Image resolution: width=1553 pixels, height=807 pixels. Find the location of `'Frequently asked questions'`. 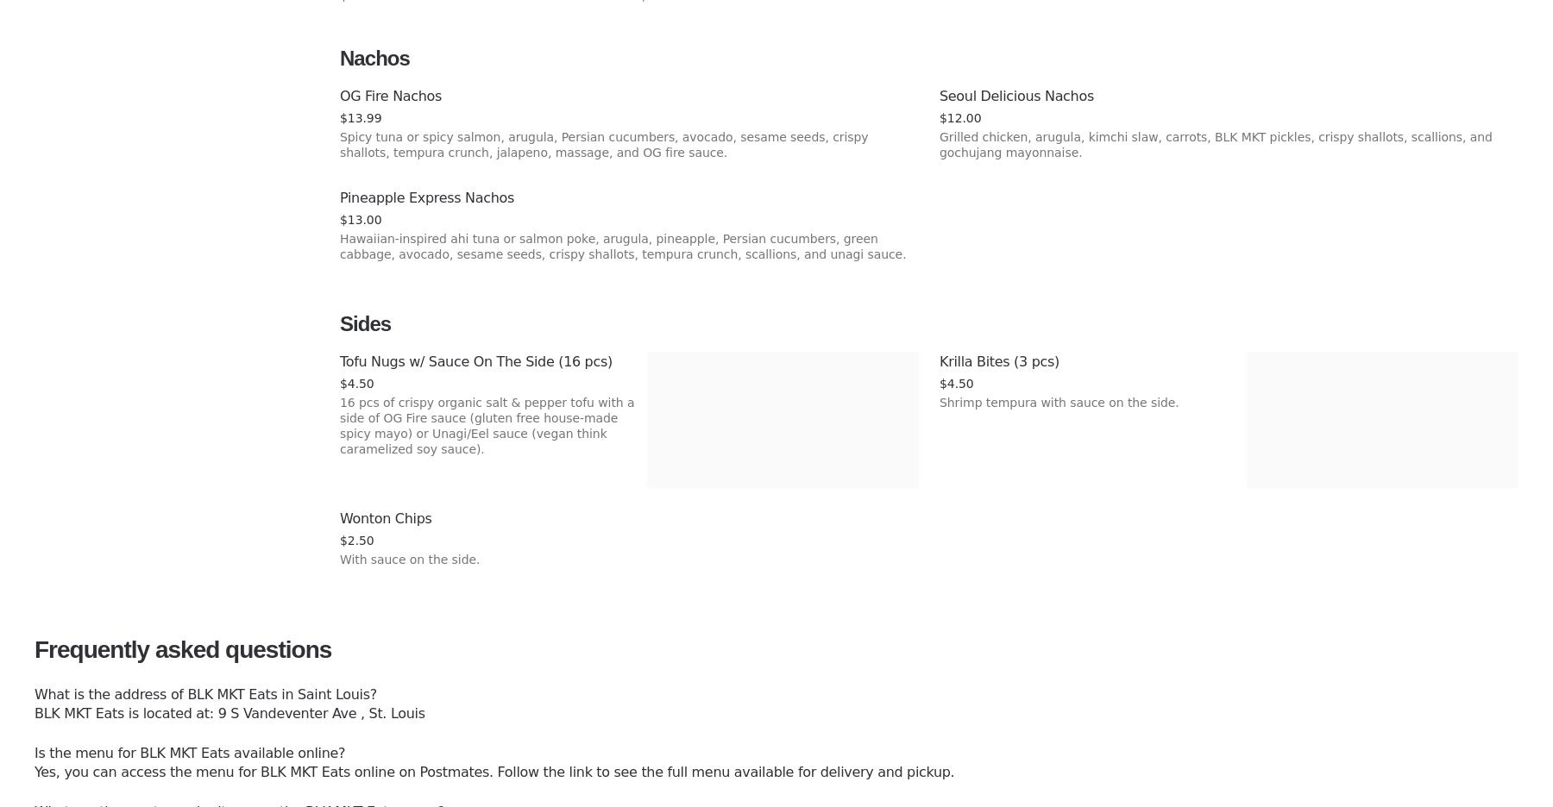

'Frequently asked questions' is located at coordinates (183, 649).